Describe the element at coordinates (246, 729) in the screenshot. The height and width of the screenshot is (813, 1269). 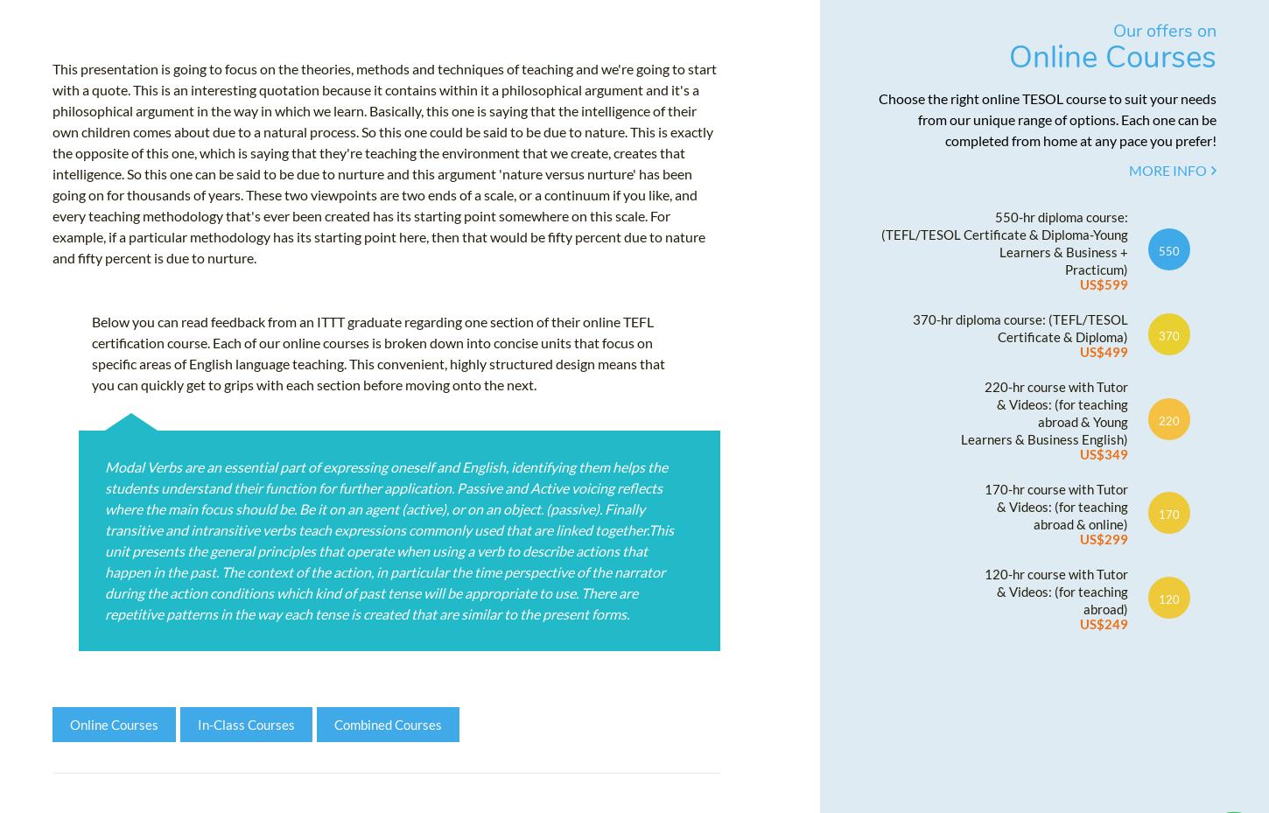
I see `'In-Class Courses'` at that location.